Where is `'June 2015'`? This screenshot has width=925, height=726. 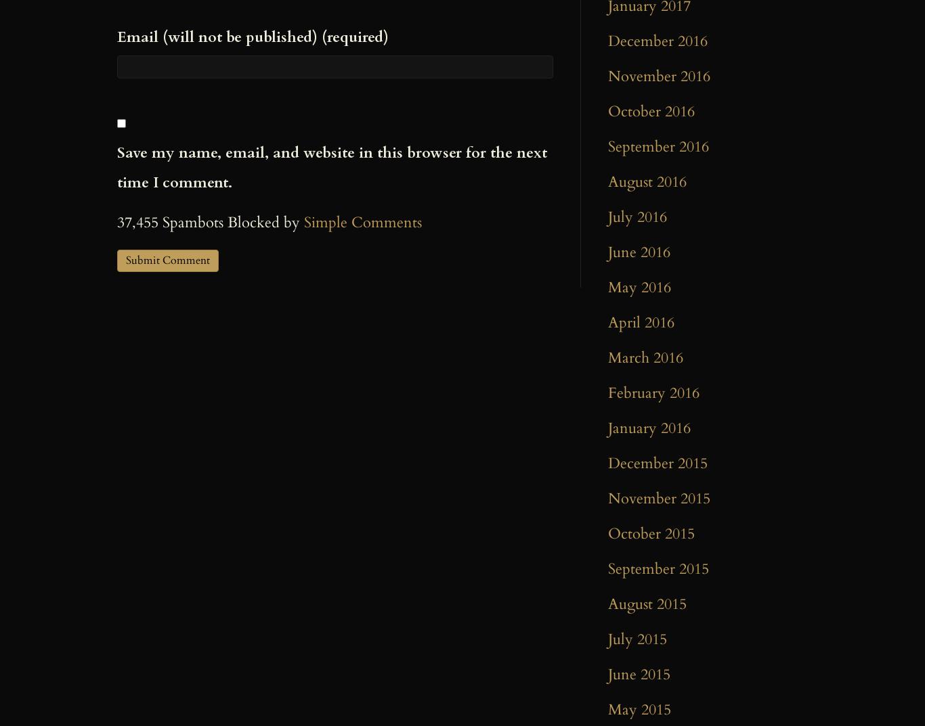 'June 2015' is located at coordinates (639, 674).